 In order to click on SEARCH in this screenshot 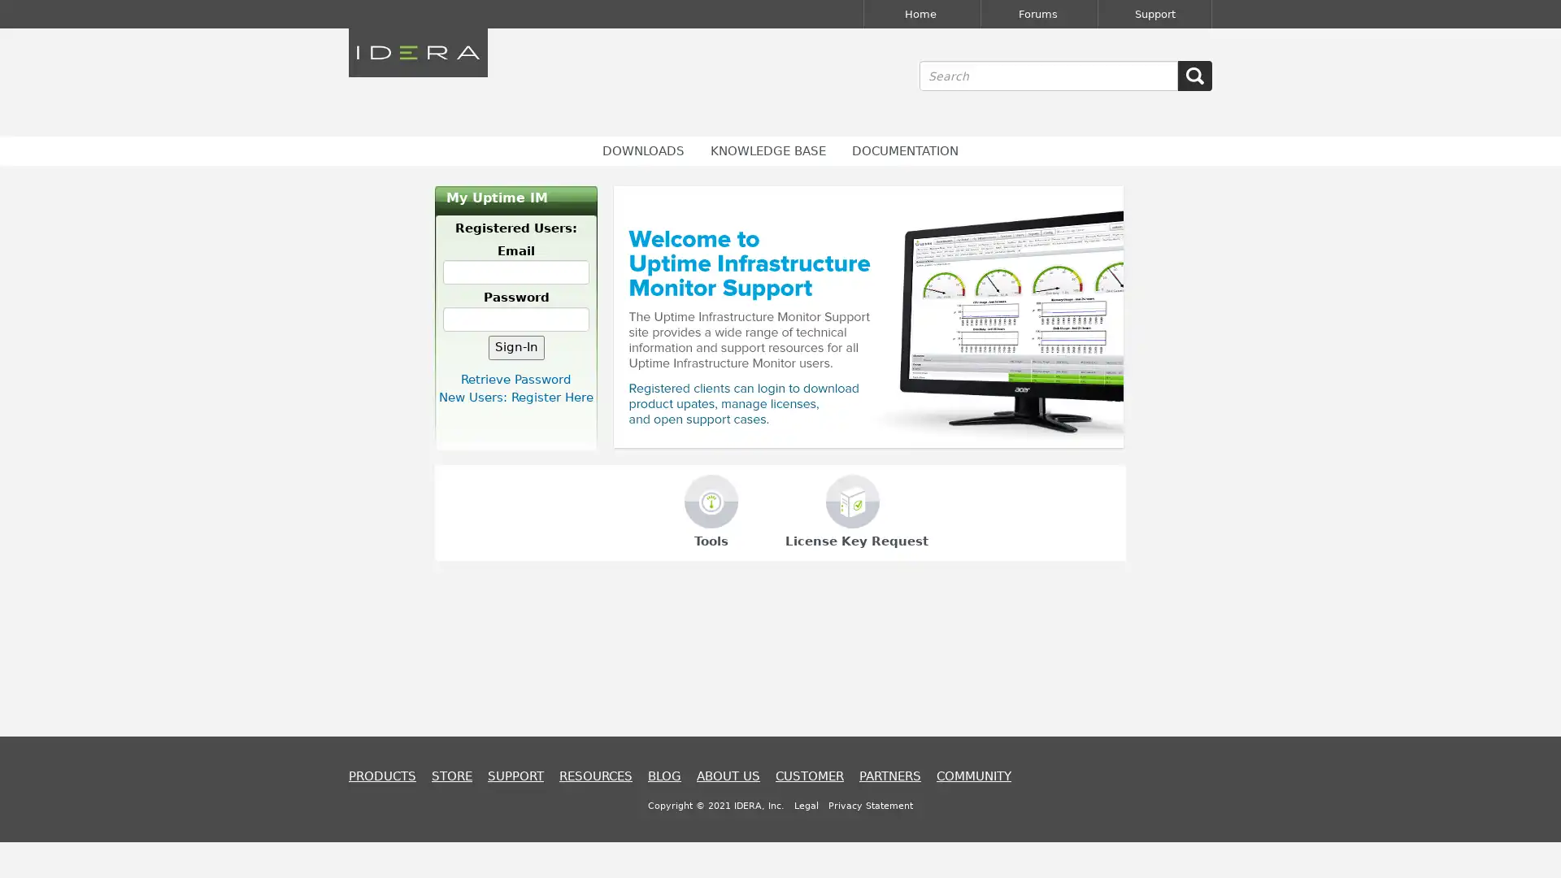, I will do `click(1194, 76)`.